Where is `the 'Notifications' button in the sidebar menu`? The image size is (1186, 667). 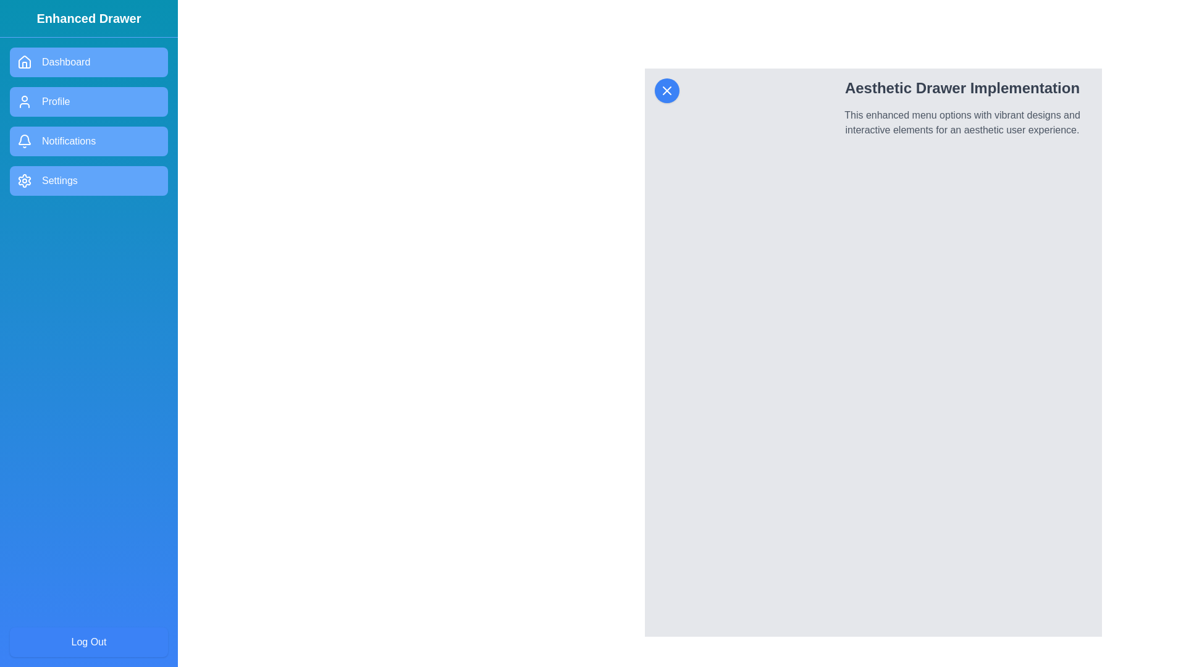
the 'Notifications' button in the sidebar menu is located at coordinates (88, 140).